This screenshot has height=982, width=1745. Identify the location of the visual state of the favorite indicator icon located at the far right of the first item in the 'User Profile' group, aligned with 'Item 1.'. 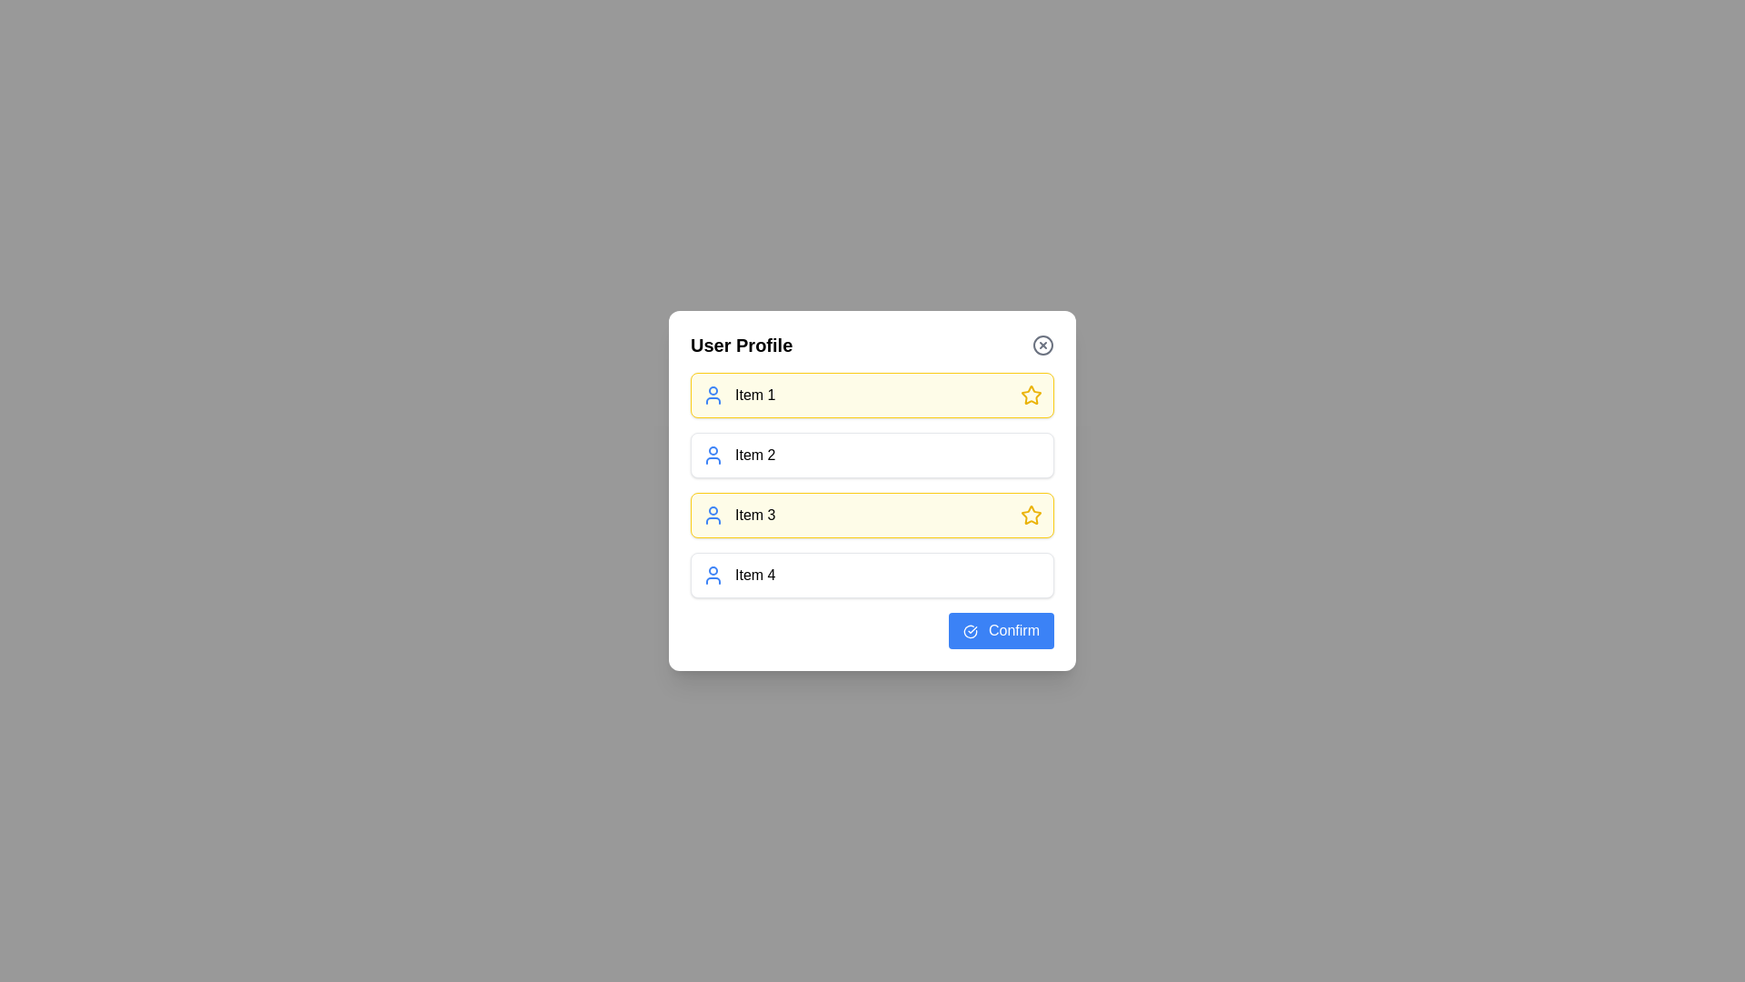
(1031, 395).